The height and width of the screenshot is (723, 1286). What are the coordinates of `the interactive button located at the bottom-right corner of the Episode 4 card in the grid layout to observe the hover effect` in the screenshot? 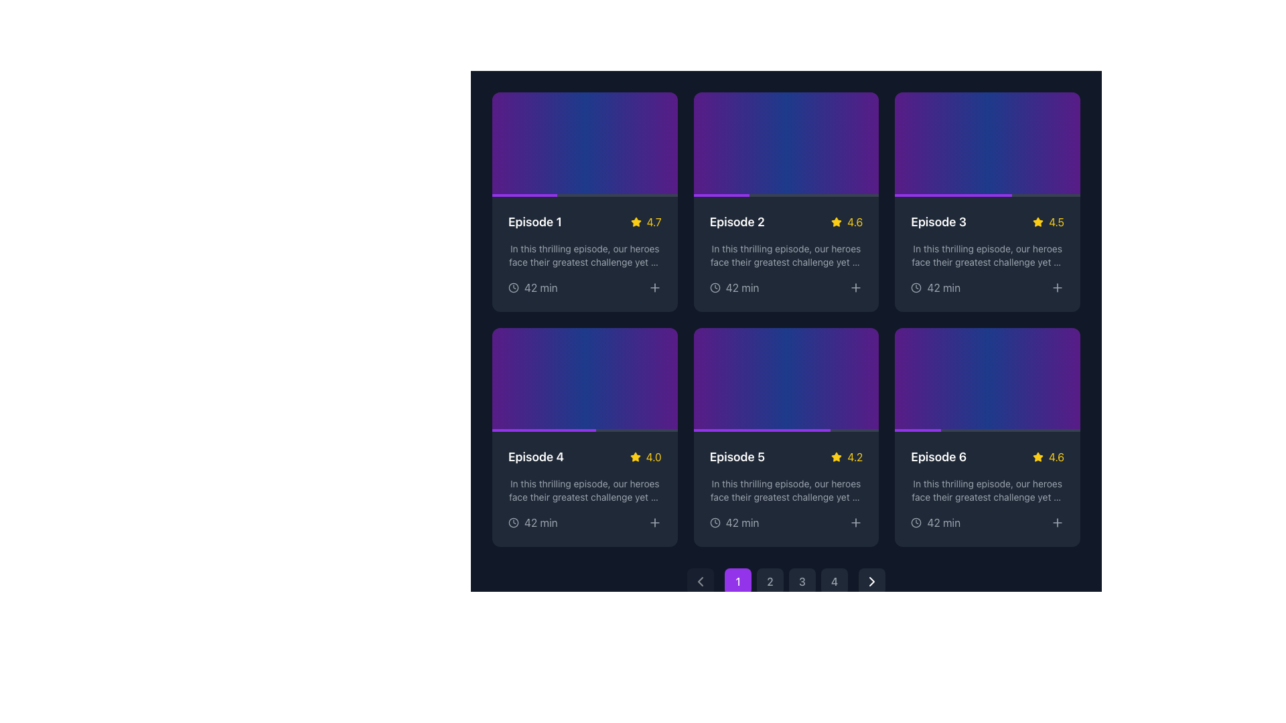 It's located at (654, 522).